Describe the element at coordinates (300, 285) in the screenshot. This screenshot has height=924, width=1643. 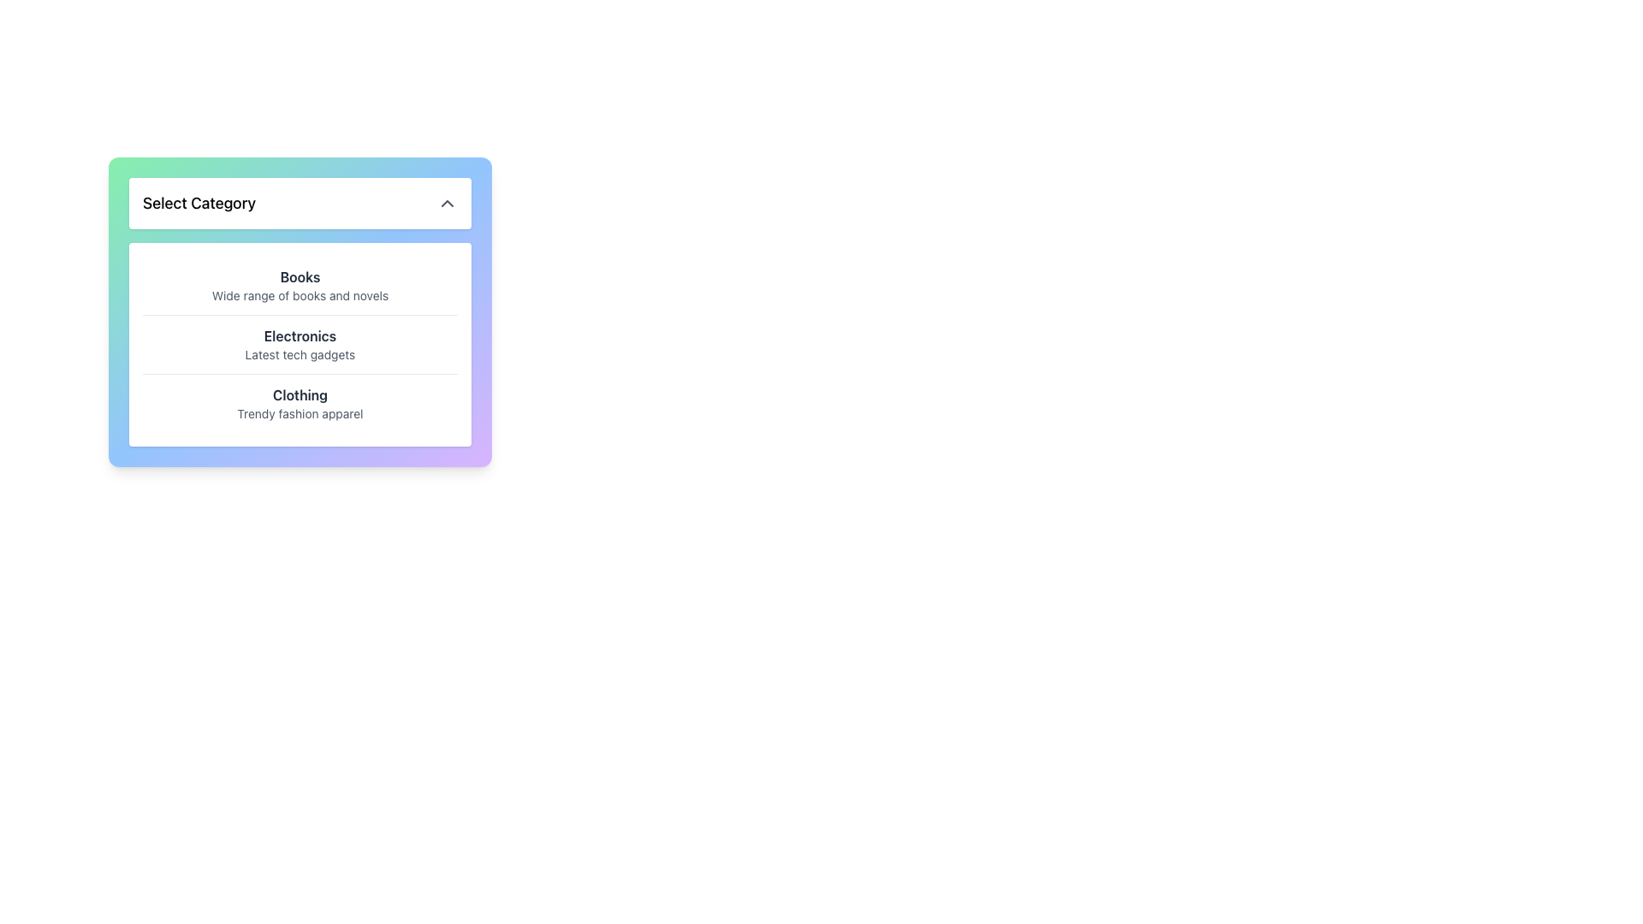
I see `the 'Books' category text element, which is a bold heading followed by a description, located beneath the 'Select Category' label in the dropdown` at that location.